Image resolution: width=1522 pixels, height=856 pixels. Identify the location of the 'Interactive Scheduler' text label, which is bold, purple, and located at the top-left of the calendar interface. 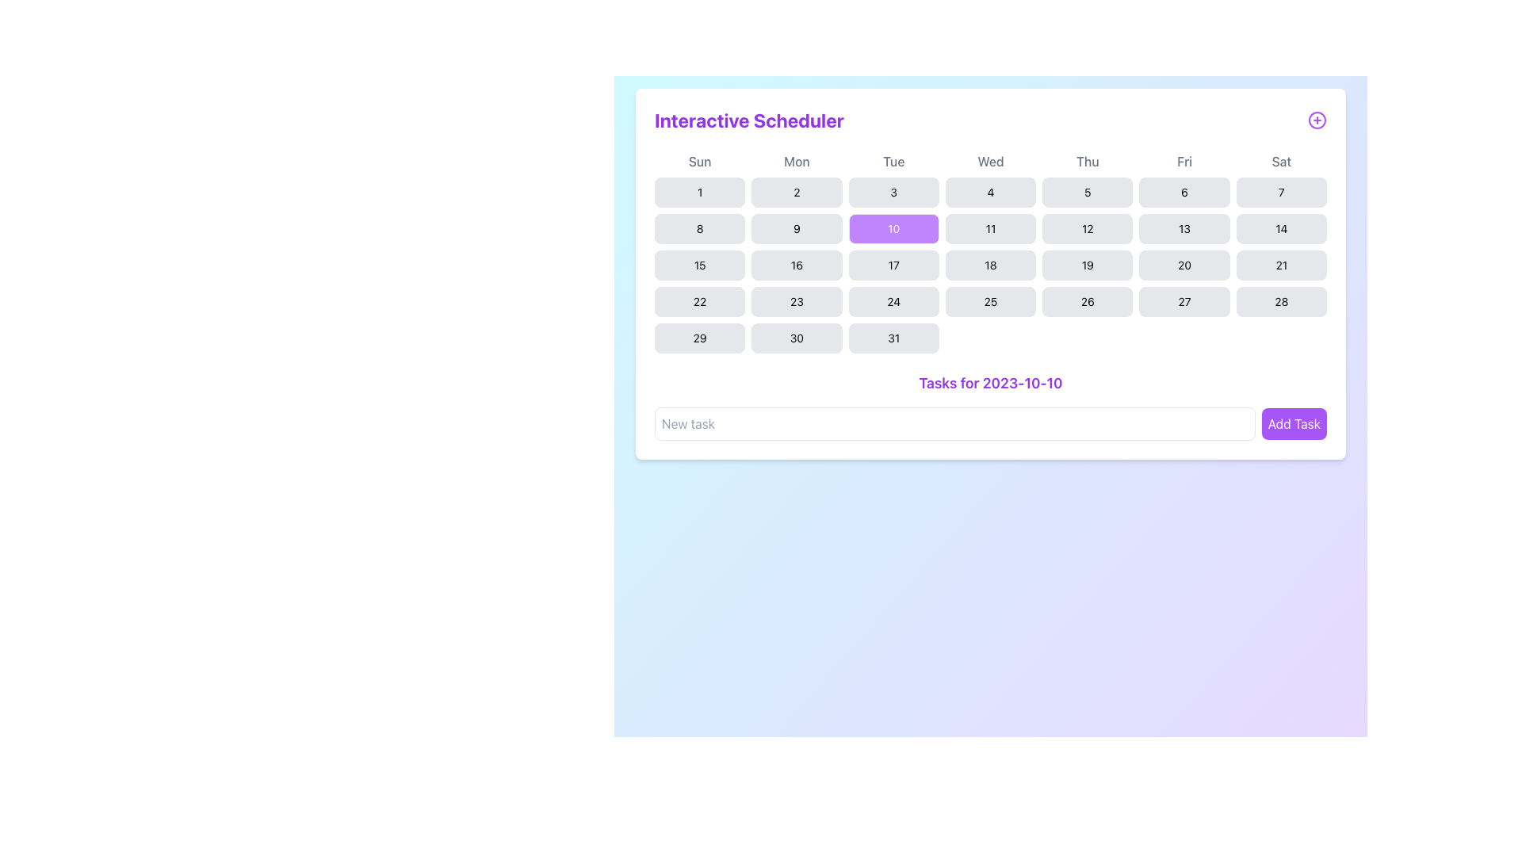
(748, 119).